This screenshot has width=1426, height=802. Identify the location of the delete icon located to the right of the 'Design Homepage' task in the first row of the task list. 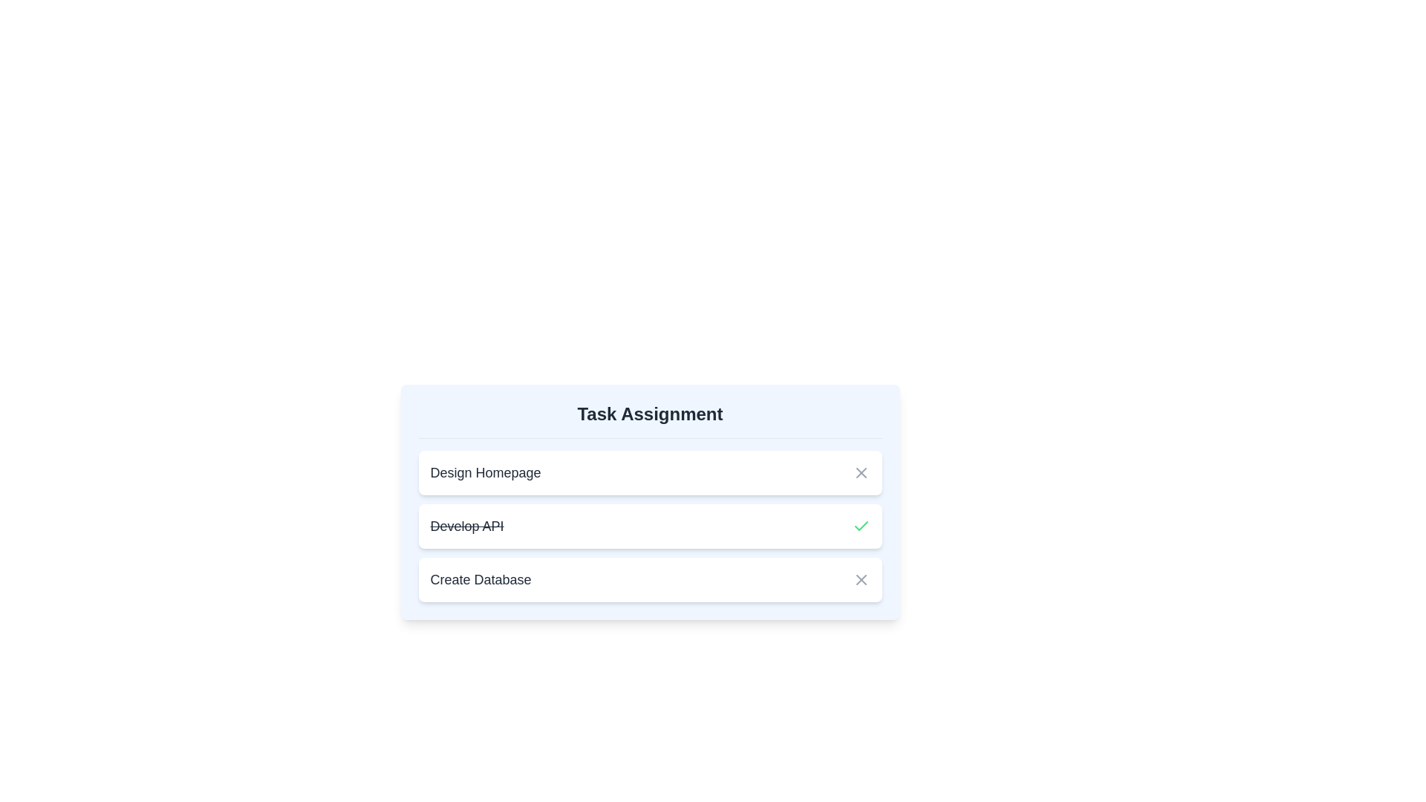
(861, 472).